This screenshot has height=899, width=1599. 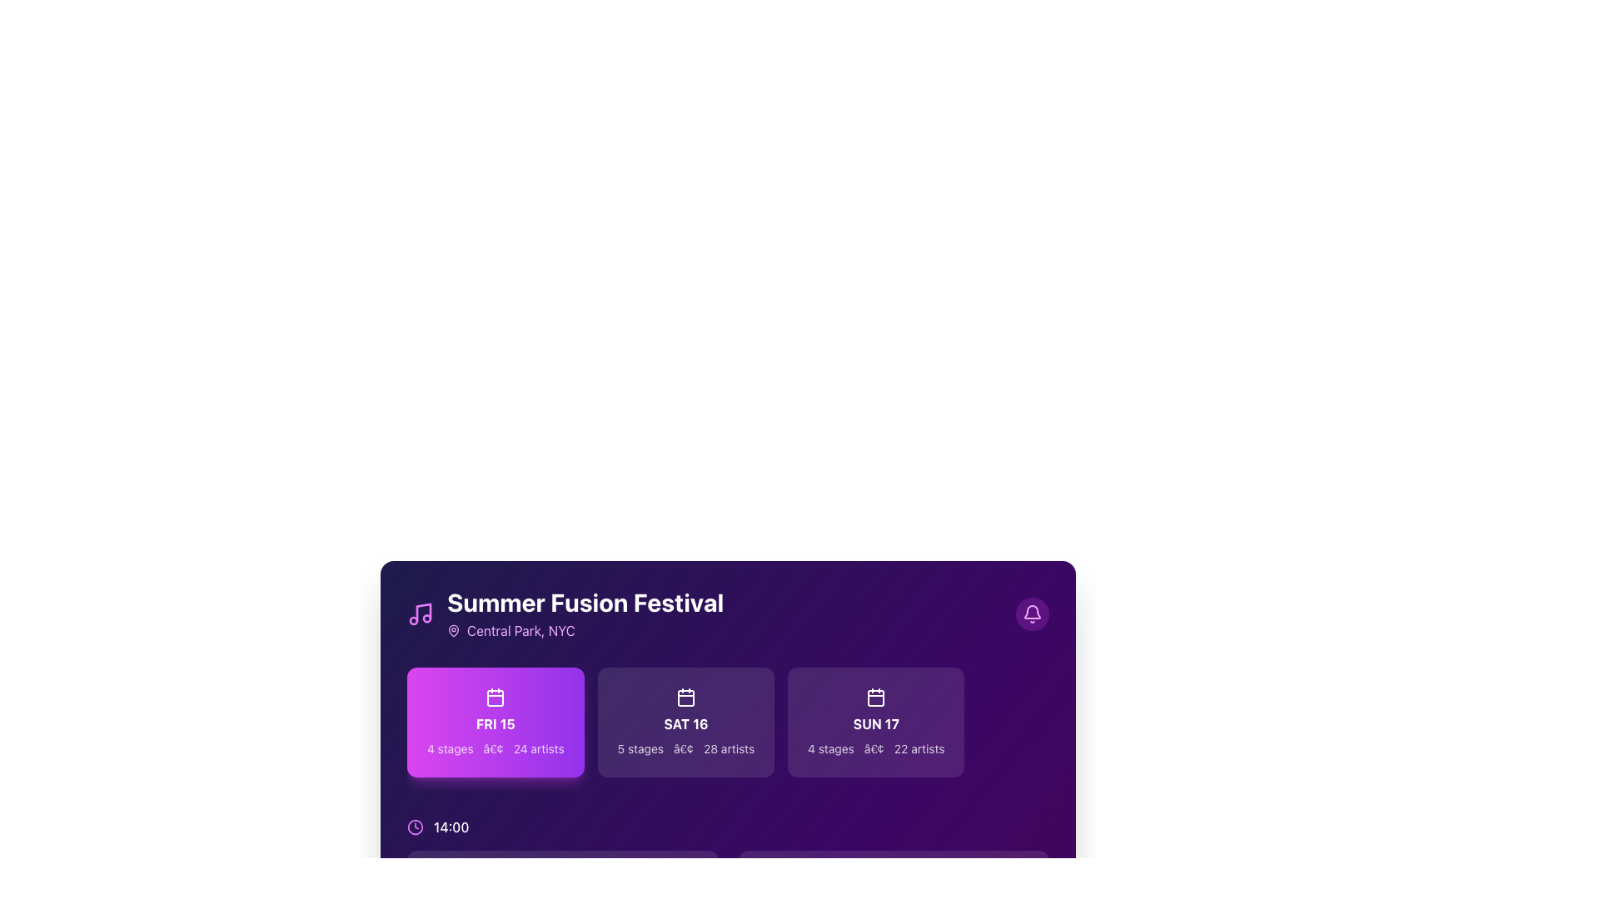 What do you see at coordinates (685, 697) in the screenshot?
I see `the minimalist white calendar icon located in the center column above the label 'SAT 16'` at bounding box center [685, 697].